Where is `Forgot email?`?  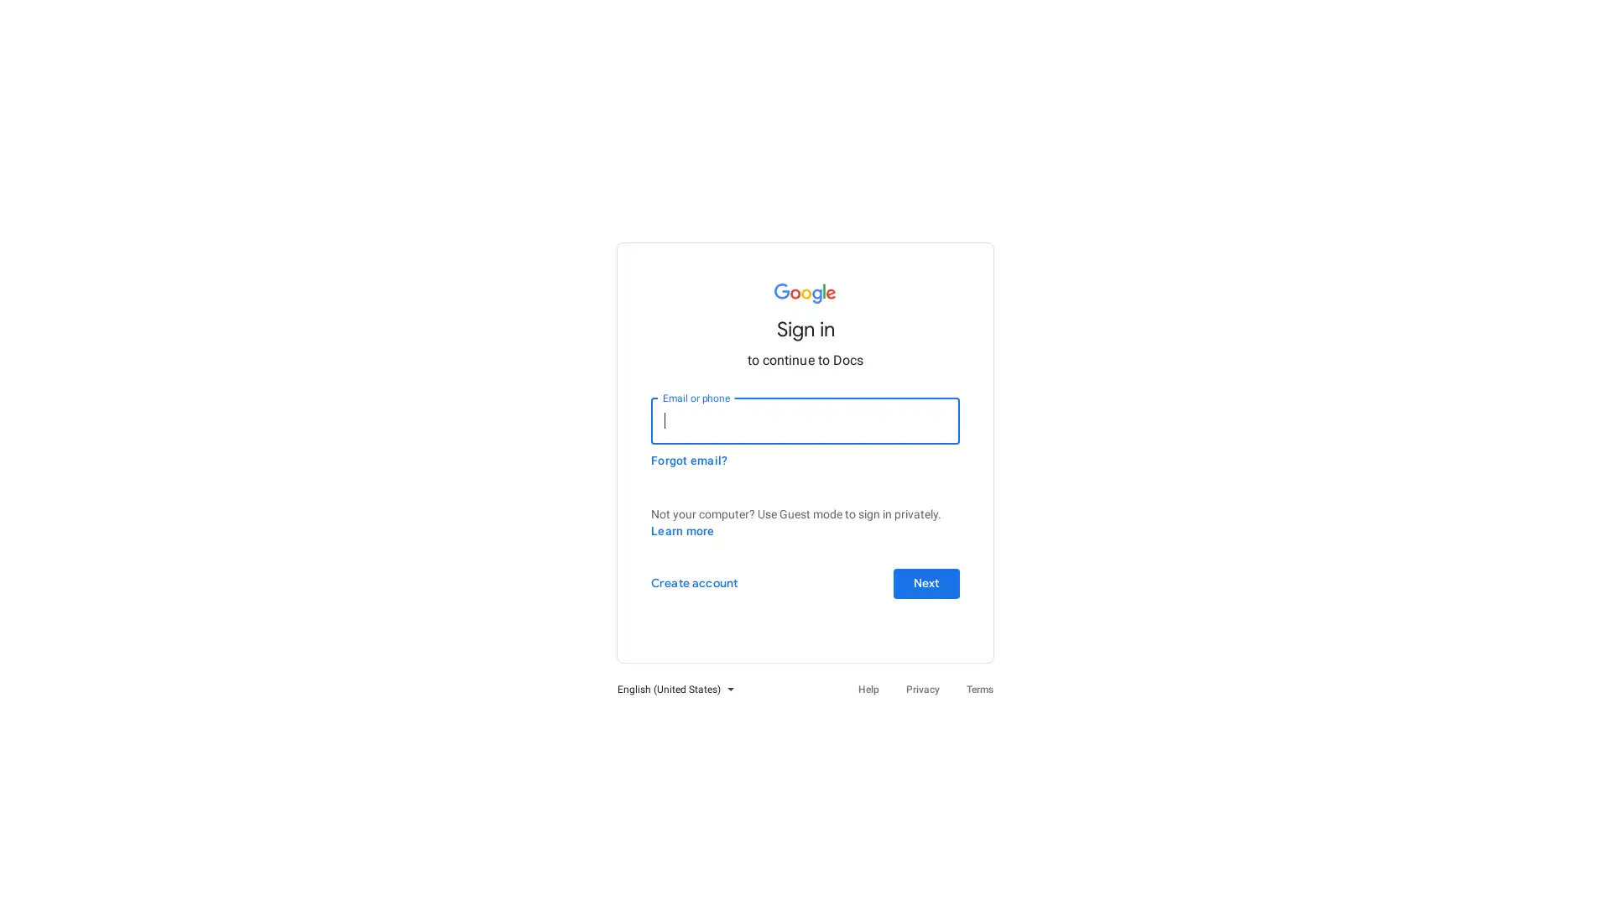
Forgot email? is located at coordinates (689, 459).